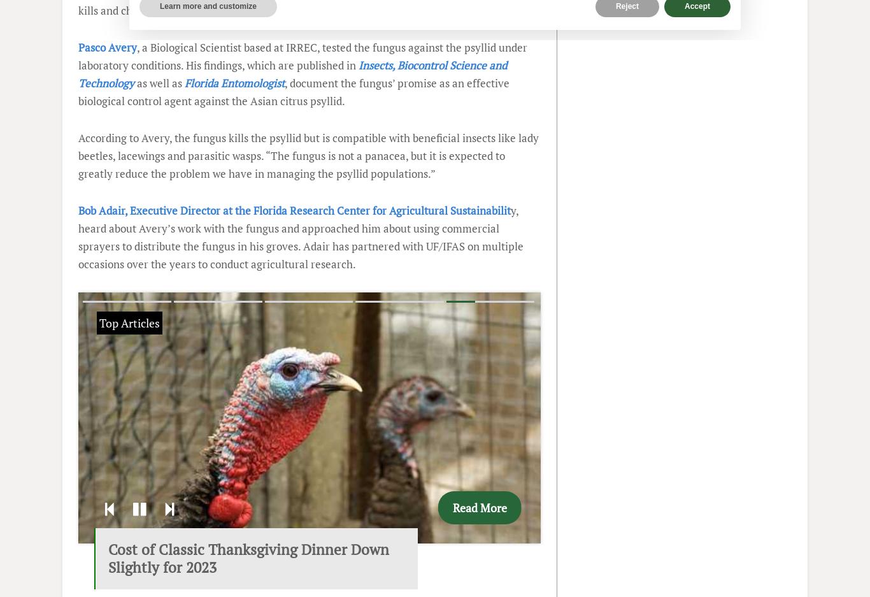  What do you see at coordinates (294, 210) in the screenshot?
I see `'Bob Adair, Executive Director at the Florida Research Center for Agricultural Sustainabilit'` at bounding box center [294, 210].